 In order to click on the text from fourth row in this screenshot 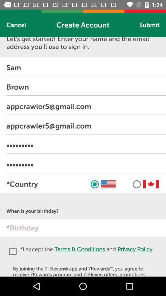, I will do `click(86, 125)`.